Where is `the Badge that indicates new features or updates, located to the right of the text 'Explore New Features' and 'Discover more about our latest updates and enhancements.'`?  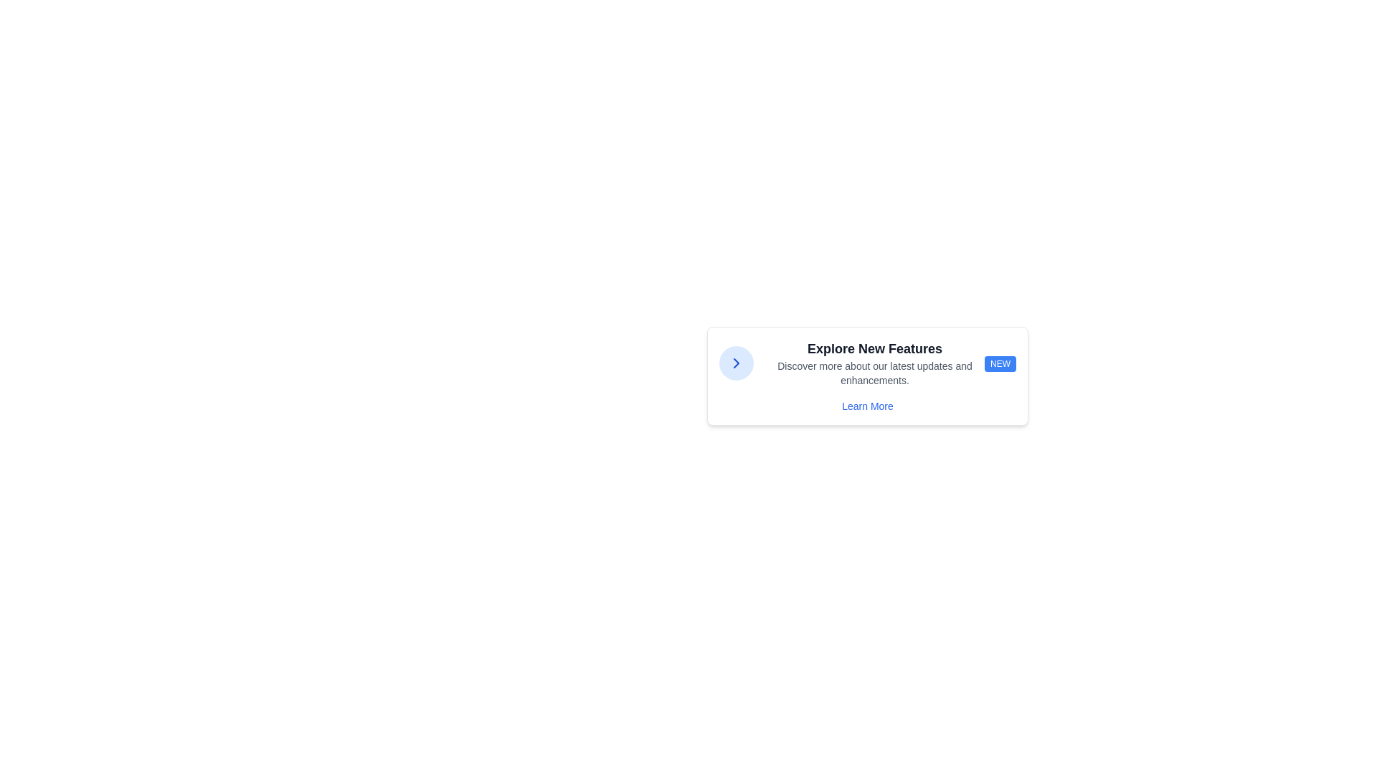 the Badge that indicates new features or updates, located to the right of the text 'Explore New Features' and 'Discover more about our latest updates and enhancements.' is located at coordinates (1000, 362).